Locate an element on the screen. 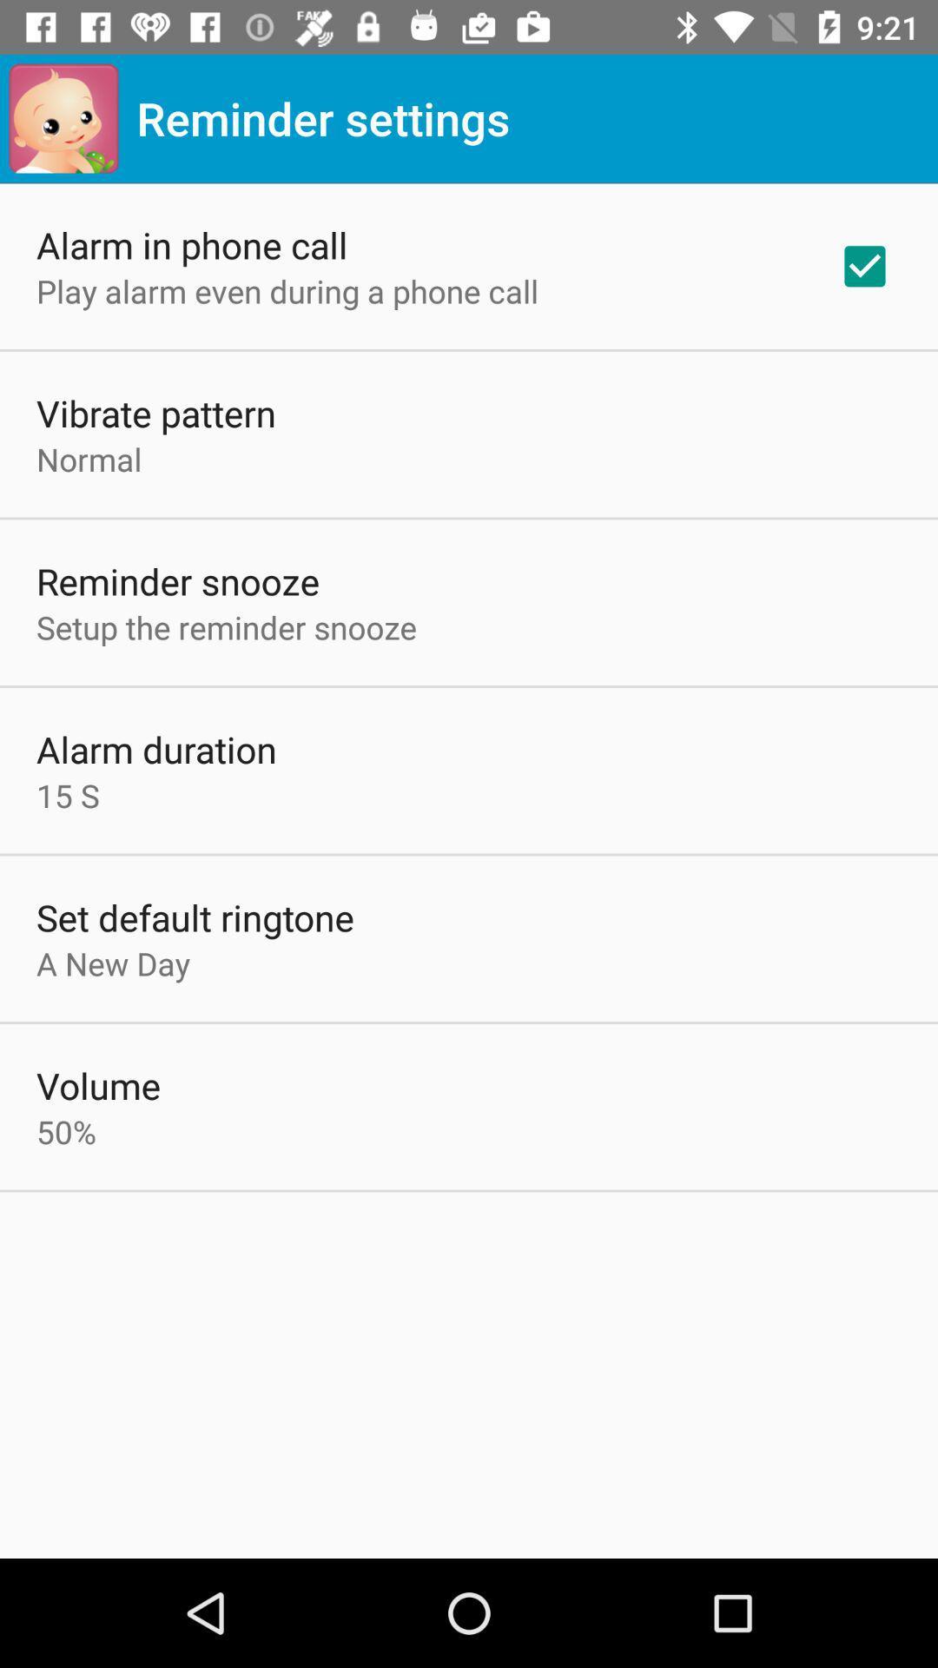 This screenshot has height=1668, width=938. the icon to the left of reminder settings app is located at coordinates (63, 117).